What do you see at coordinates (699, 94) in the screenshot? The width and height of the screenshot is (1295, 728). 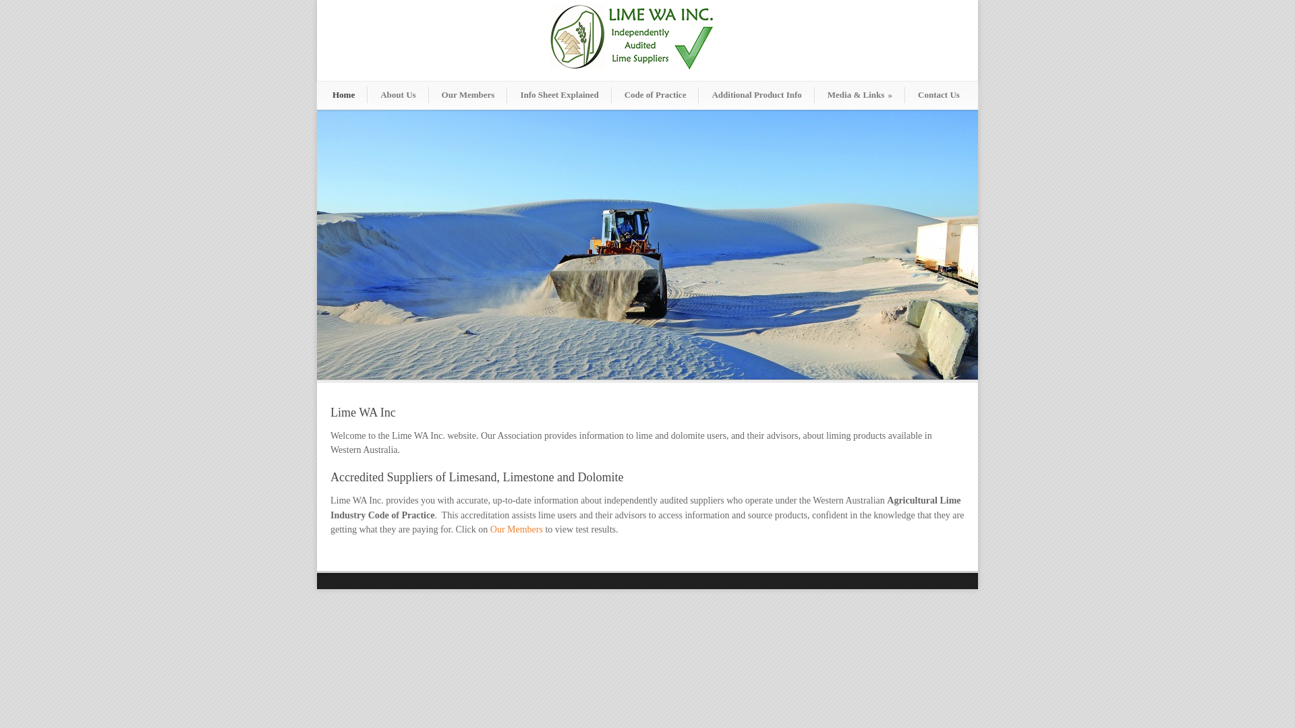 I see `'Additional Product Info'` at bounding box center [699, 94].